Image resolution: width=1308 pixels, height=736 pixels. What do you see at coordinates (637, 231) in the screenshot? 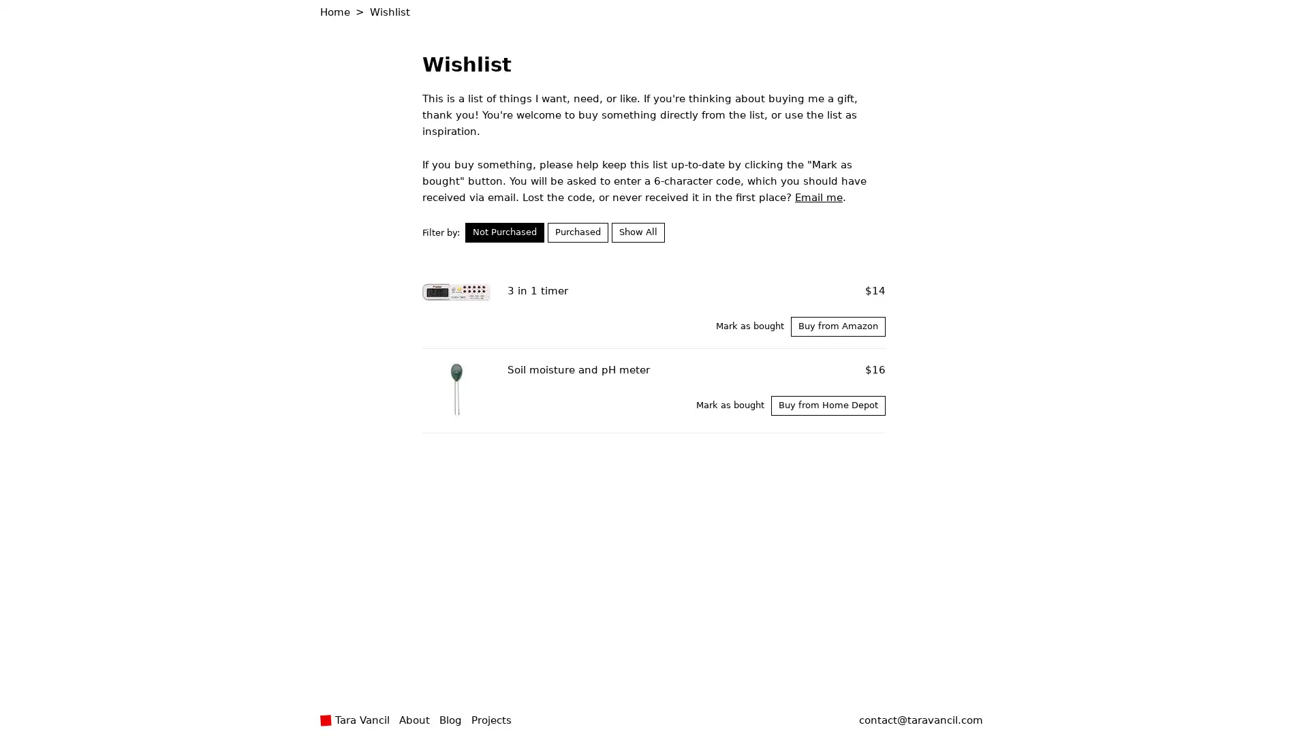
I see `Show All` at bounding box center [637, 231].